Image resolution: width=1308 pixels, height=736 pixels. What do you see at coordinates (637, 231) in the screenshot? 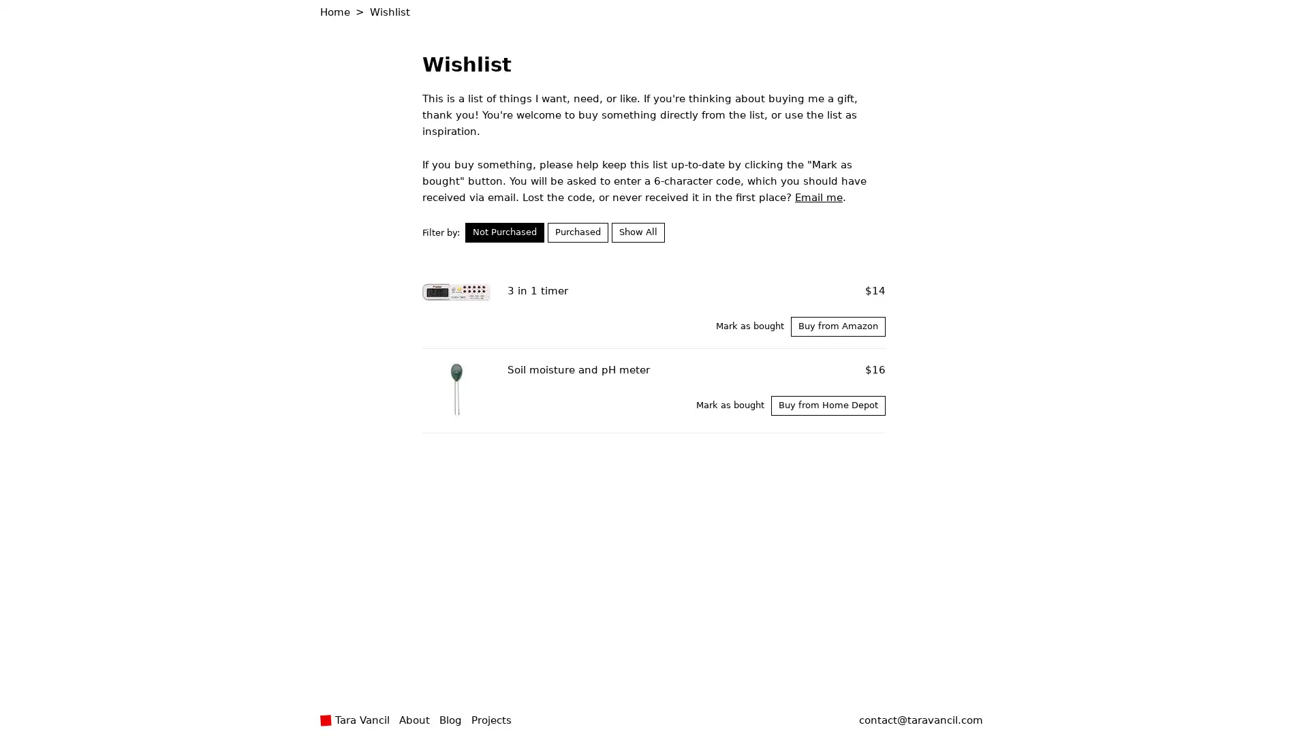
I see `Show All` at bounding box center [637, 231].